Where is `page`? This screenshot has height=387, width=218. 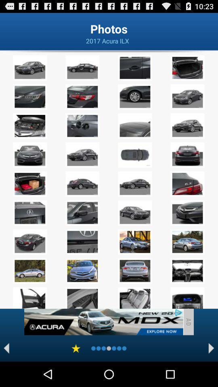
page is located at coordinates (76, 348).